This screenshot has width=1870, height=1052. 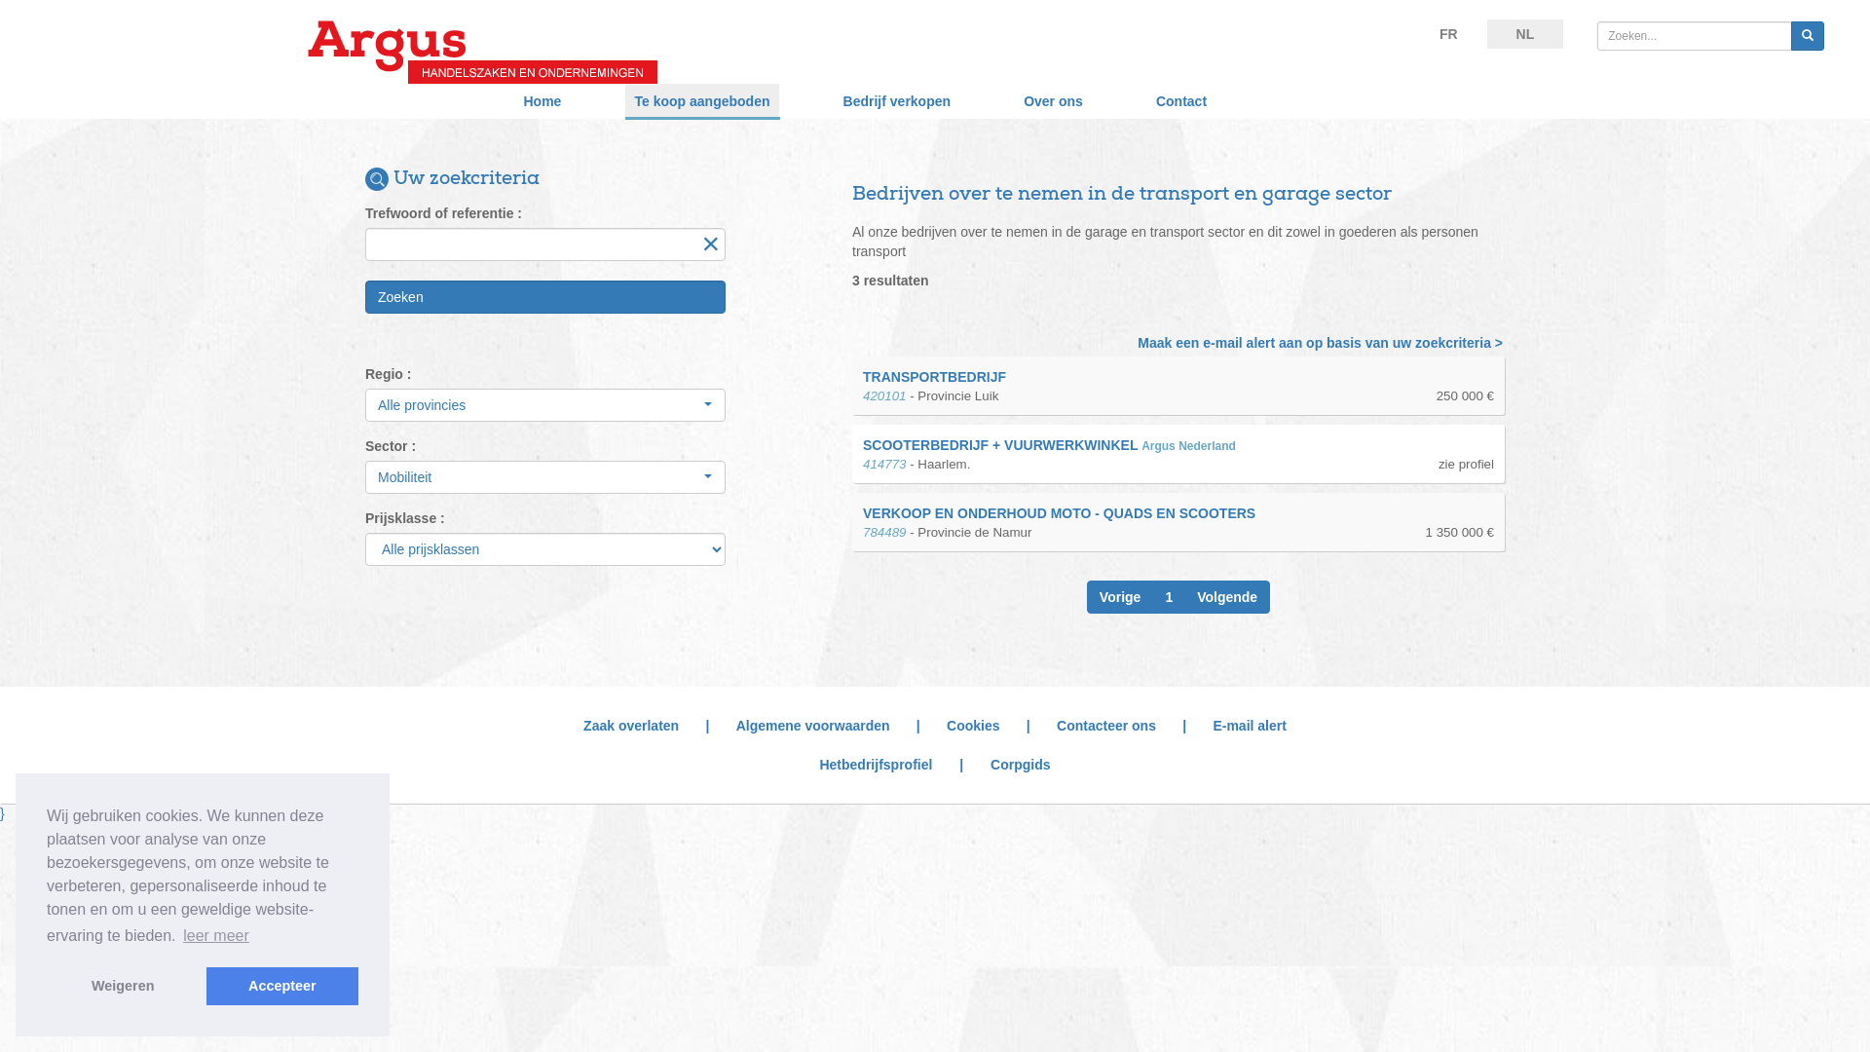 What do you see at coordinates (1524, 33) in the screenshot?
I see `'NL'` at bounding box center [1524, 33].